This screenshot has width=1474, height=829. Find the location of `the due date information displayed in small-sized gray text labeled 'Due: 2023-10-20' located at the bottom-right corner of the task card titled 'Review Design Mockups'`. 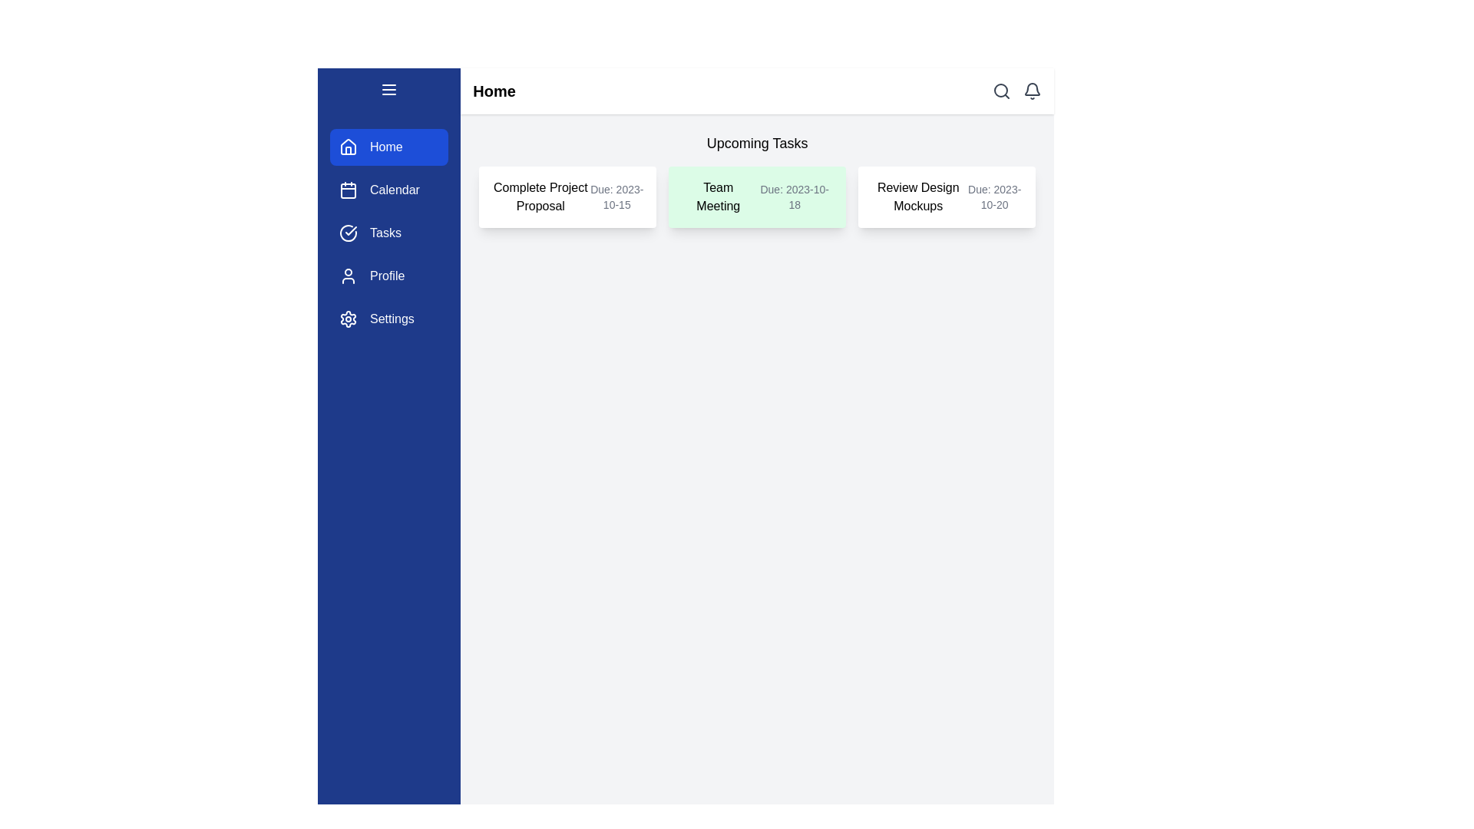

the due date information displayed in small-sized gray text labeled 'Due: 2023-10-20' located at the bottom-right corner of the task card titled 'Review Design Mockups' is located at coordinates (994, 197).